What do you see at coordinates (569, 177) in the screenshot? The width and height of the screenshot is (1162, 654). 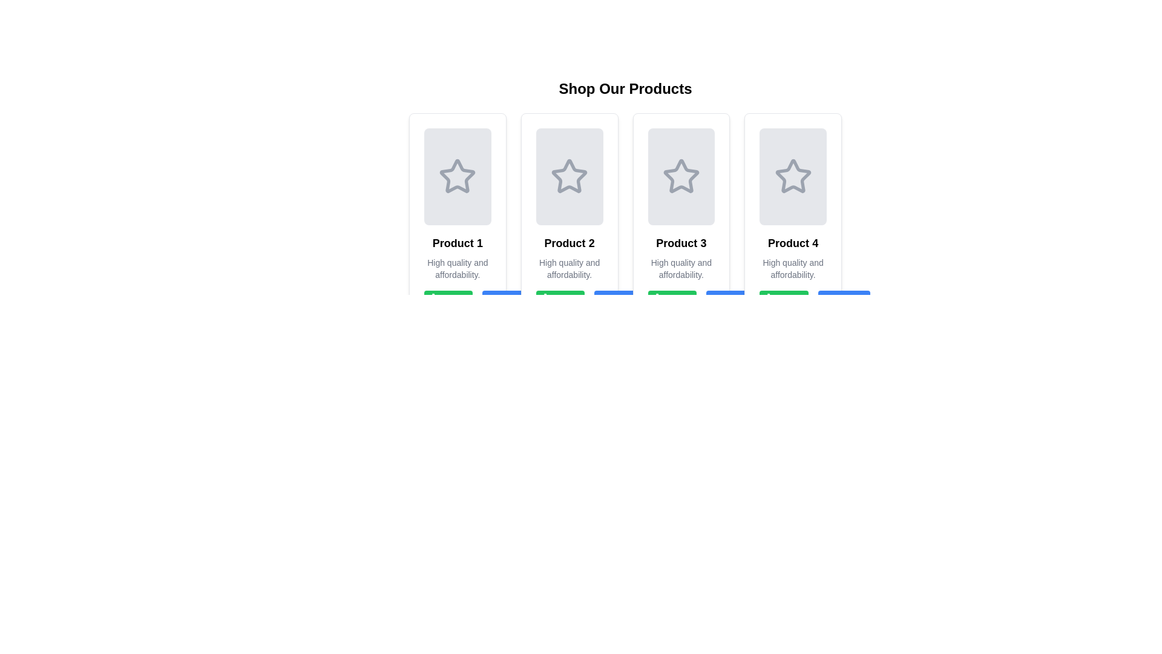 I see `the image placeholder with a light gray background and a centered outlined star icon, located in the second product card above the product title 'Product 2'` at bounding box center [569, 177].